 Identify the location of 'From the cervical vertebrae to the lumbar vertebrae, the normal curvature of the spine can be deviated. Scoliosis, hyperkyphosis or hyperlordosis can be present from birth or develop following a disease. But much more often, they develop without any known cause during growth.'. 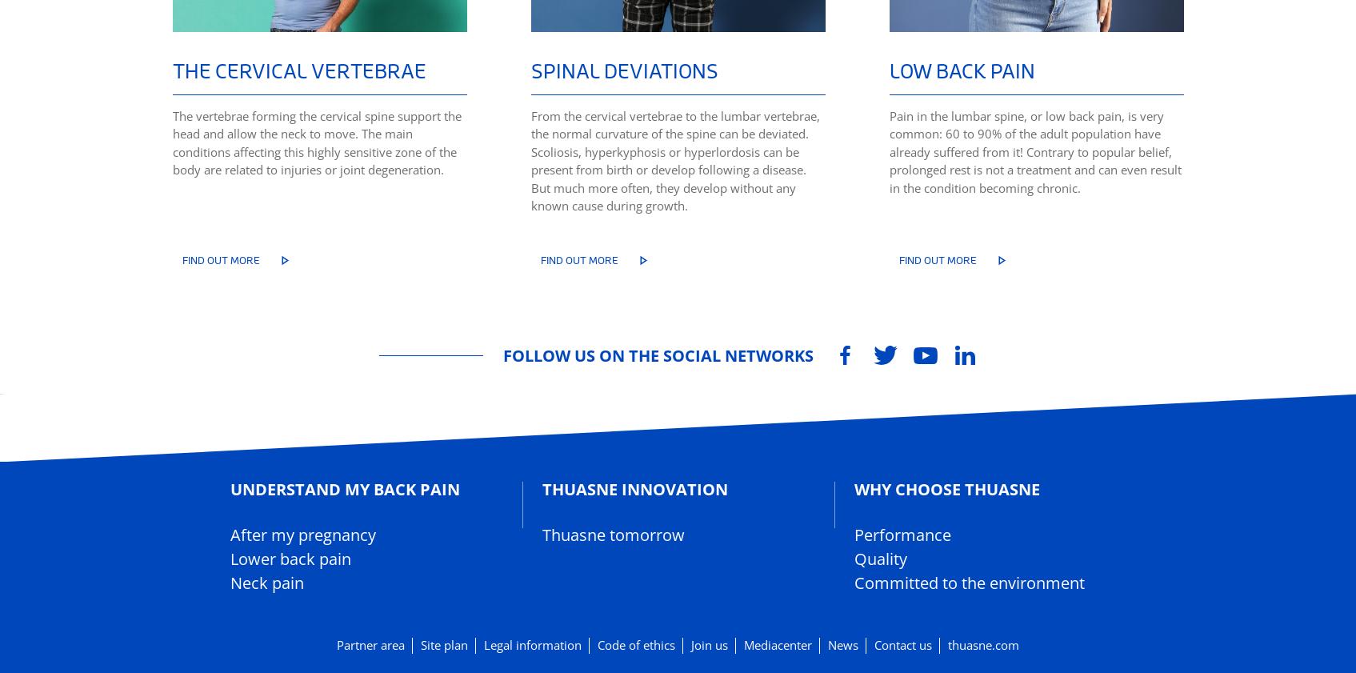
(674, 159).